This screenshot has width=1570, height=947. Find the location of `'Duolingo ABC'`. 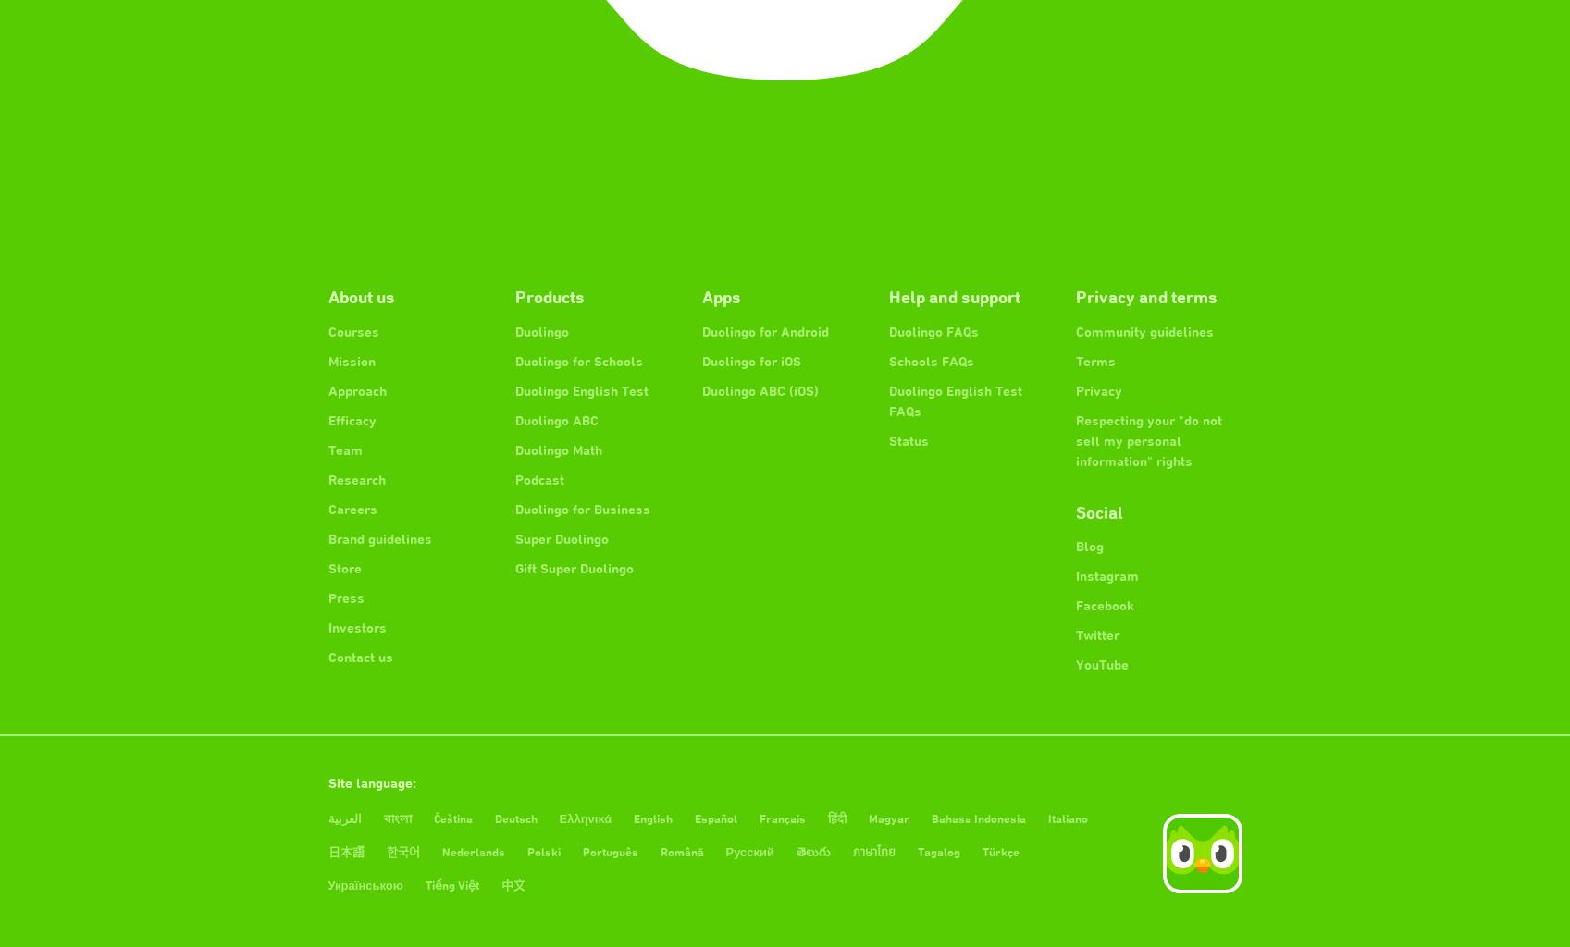

'Duolingo ABC' is located at coordinates (513, 420).